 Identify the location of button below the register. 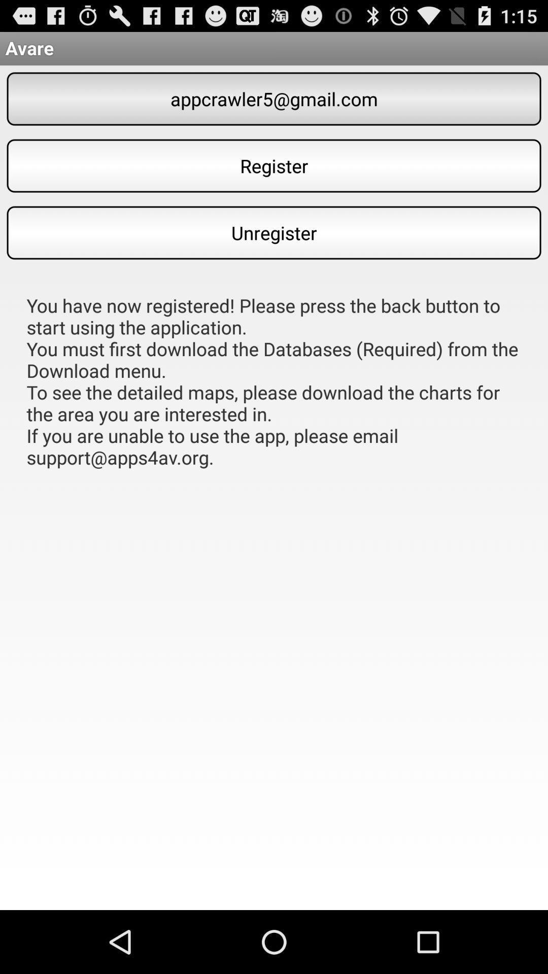
(274, 232).